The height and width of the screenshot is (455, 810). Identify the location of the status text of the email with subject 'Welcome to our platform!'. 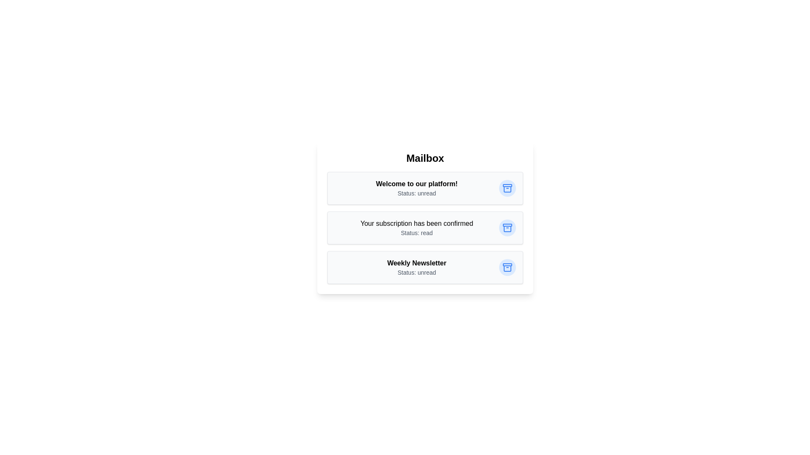
(417, 193).